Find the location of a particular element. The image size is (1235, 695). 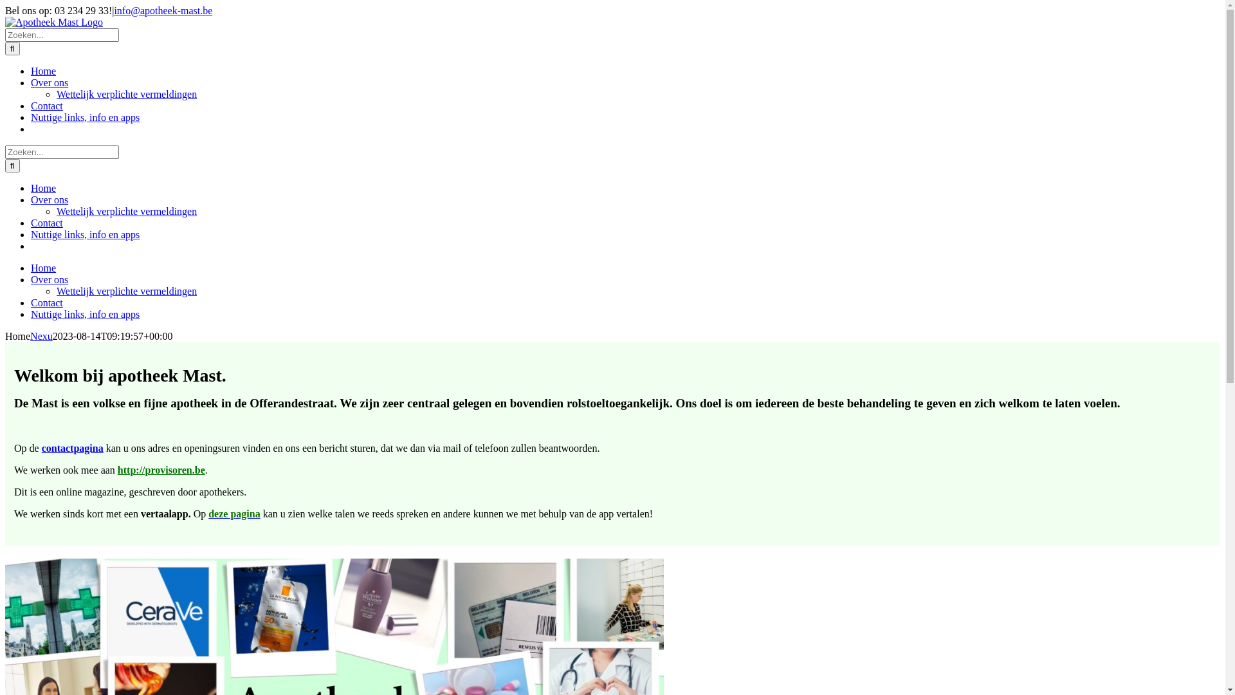

'Contact' is located at coordinates (46, 302).